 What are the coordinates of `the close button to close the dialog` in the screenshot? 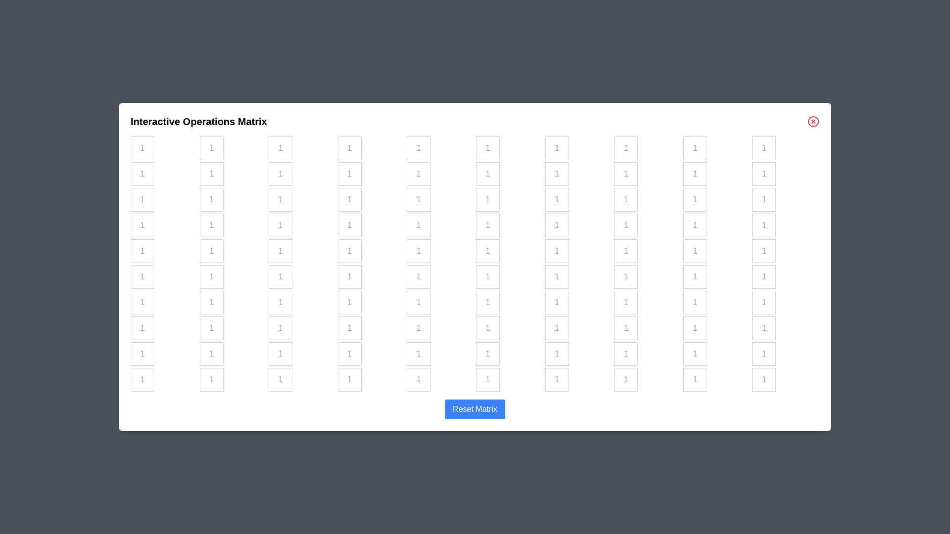 It's located at (813, 121).